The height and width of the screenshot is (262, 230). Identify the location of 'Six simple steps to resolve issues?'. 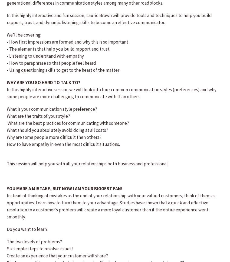
(40, 249).